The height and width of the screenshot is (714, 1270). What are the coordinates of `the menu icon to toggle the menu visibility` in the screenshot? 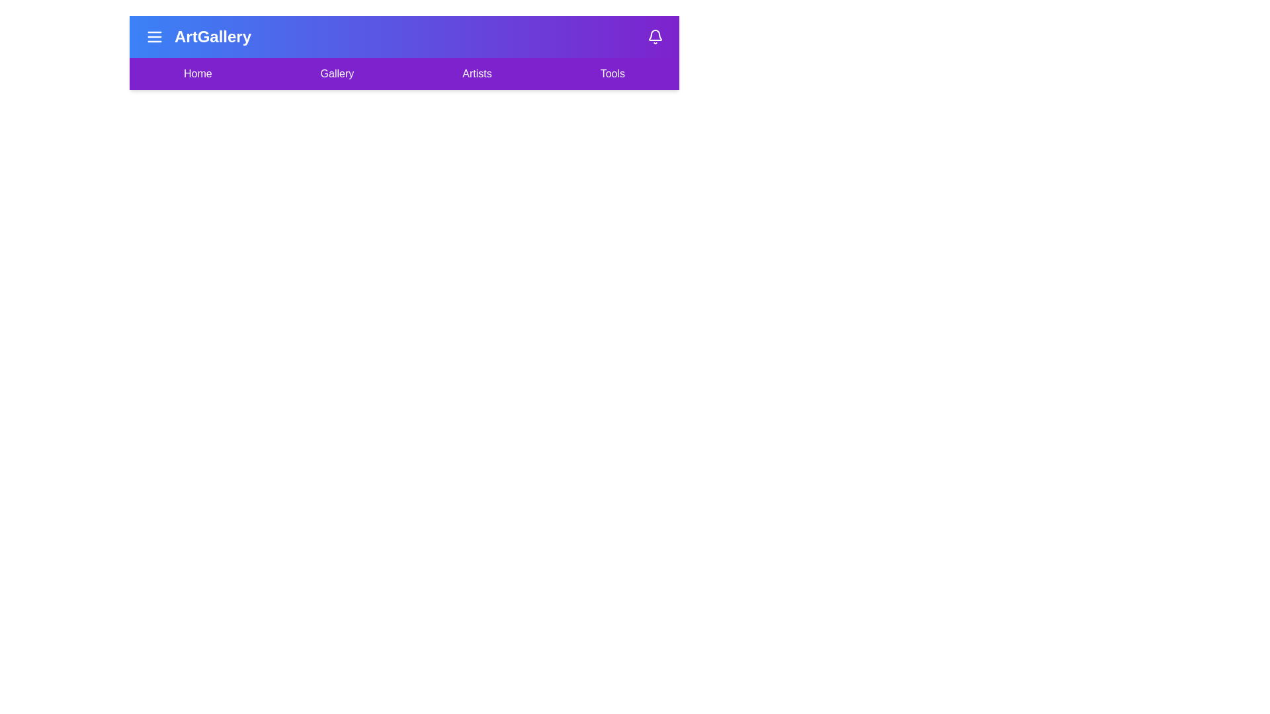 It's located at (155, 36).